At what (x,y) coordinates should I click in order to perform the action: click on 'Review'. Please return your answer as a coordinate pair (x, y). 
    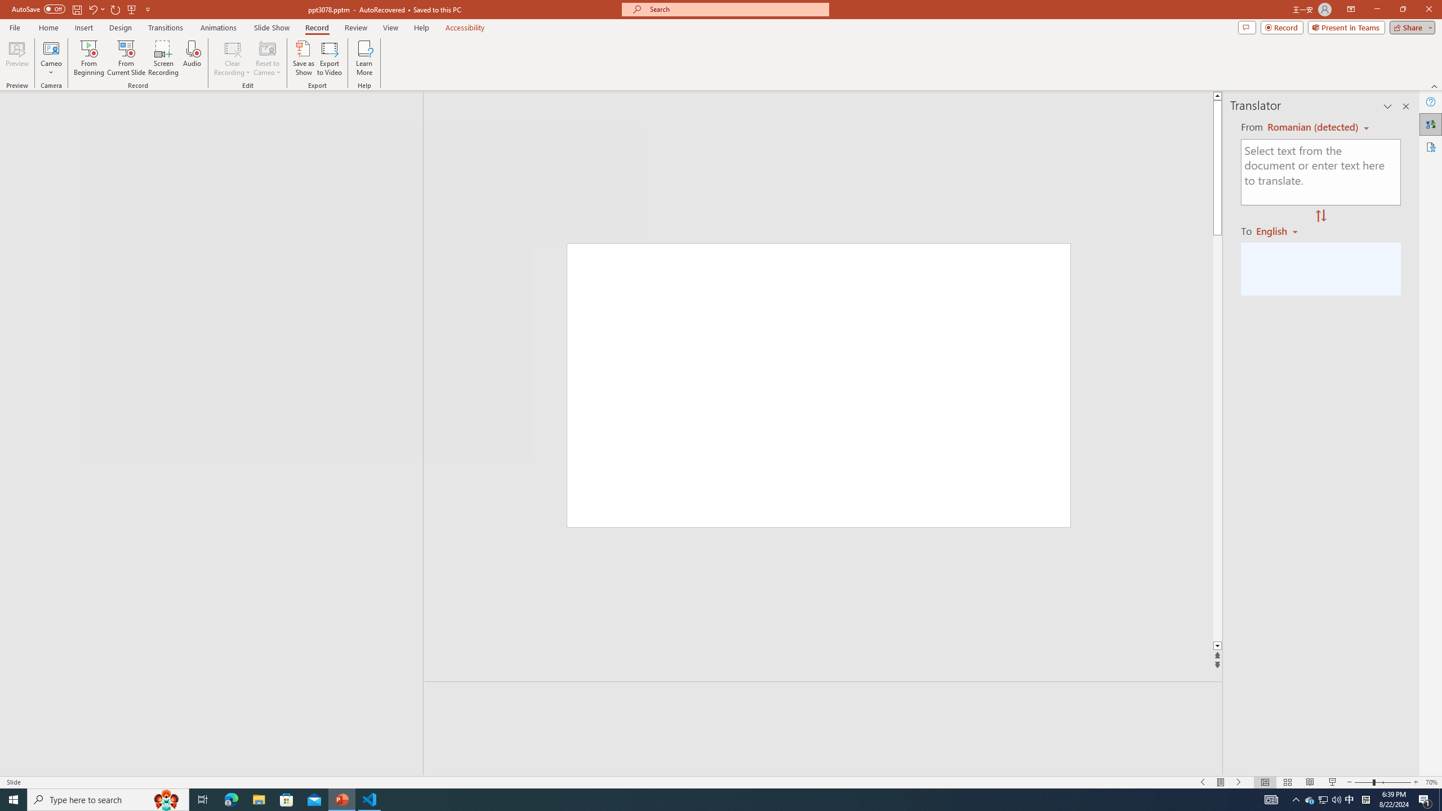
    Looking at the image, I should click on (355, 28).